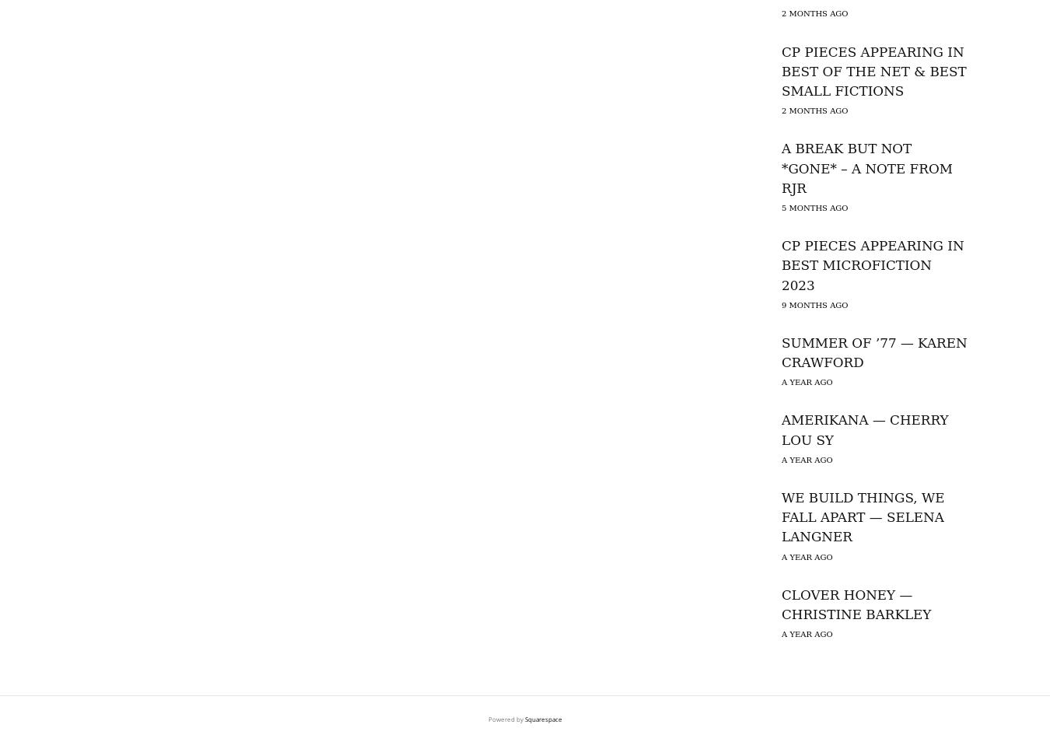 This screenshot has width=1050, height=742. Describe the element at coordinates (780, 429) in the screenshot. I see `'AMERIKANA — CHERRY LOU SY'` at that location.